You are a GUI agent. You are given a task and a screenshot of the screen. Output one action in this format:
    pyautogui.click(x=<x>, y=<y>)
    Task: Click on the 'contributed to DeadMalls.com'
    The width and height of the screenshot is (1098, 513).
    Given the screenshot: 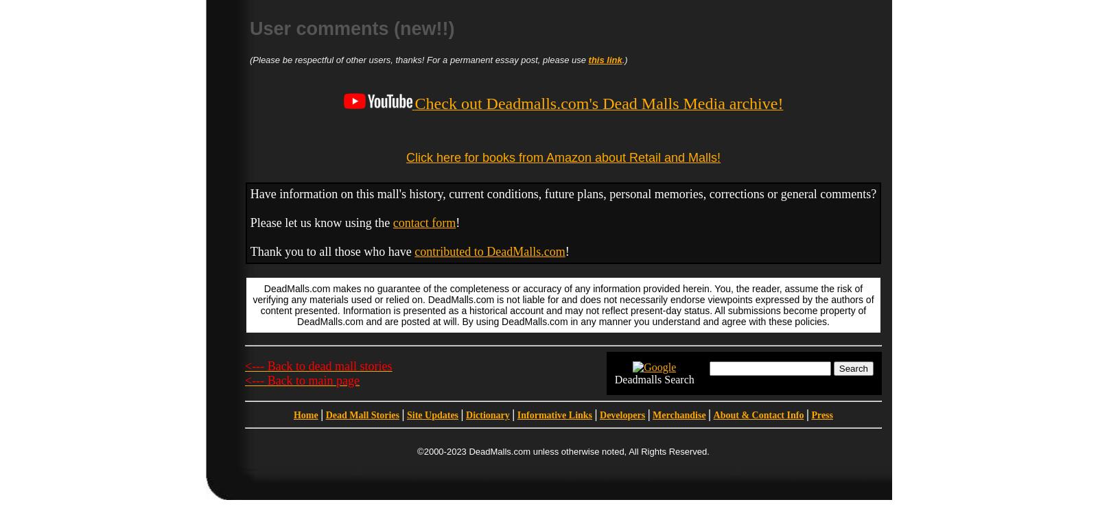 What is the action you would take?
    pyautogui.click(x=489, y=250)
    